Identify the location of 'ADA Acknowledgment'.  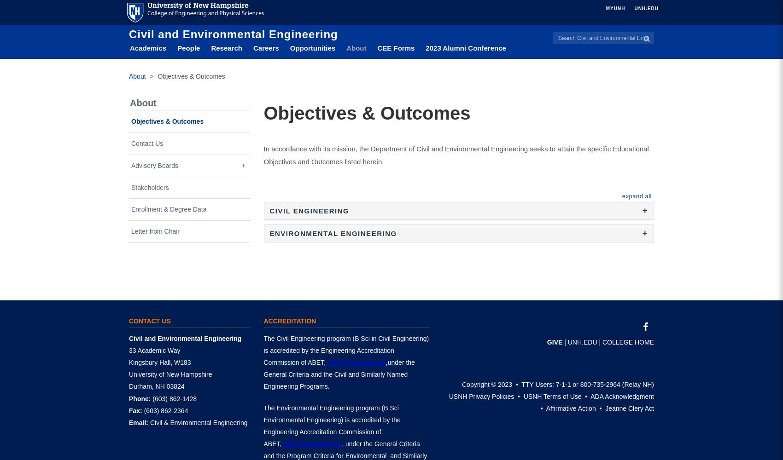
(622, 396).